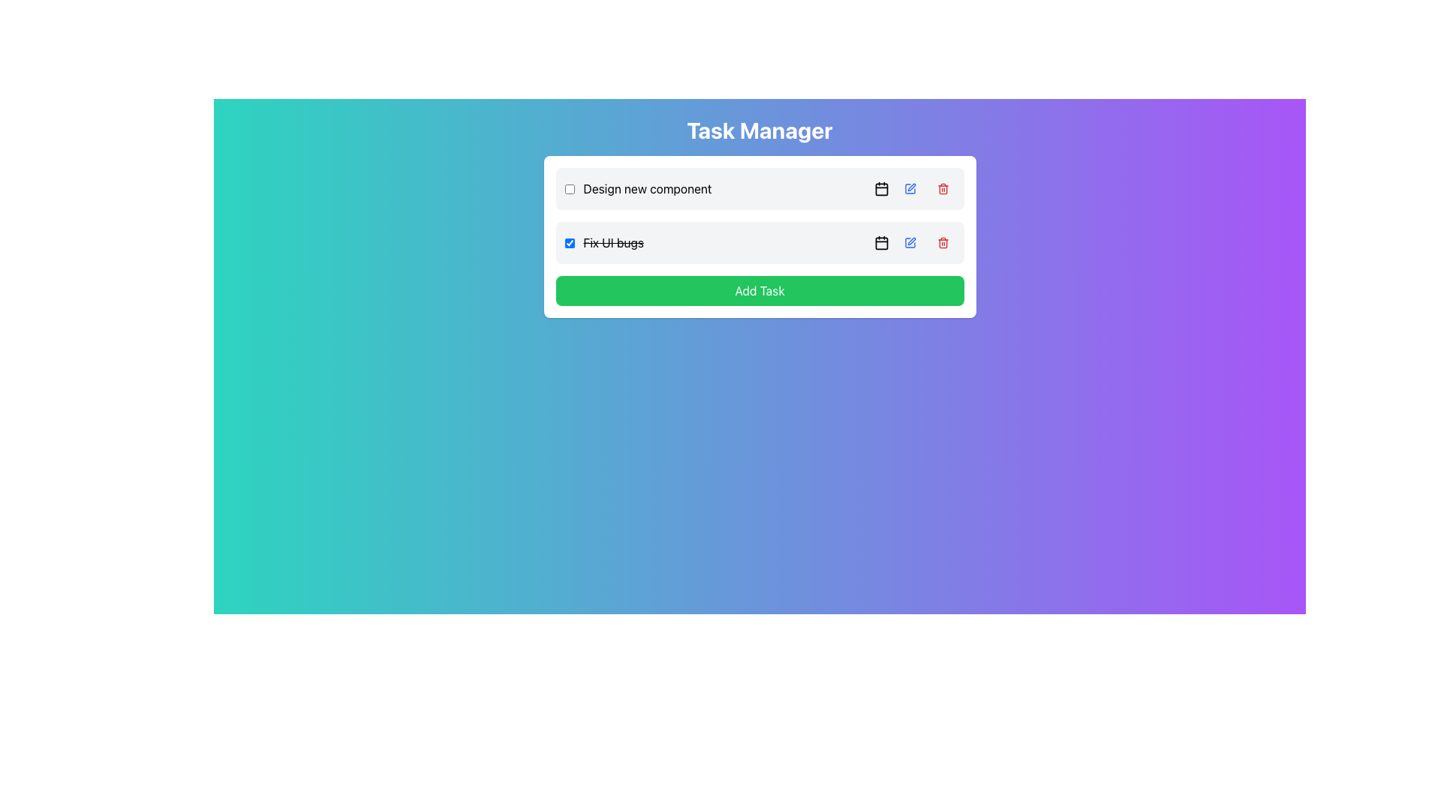 The image size is (1441, 810). What do you see at coordinates (942, 187) in the screenshot?
I see `the red trash bin icon in the second task row` at bounding box center [942, 187].